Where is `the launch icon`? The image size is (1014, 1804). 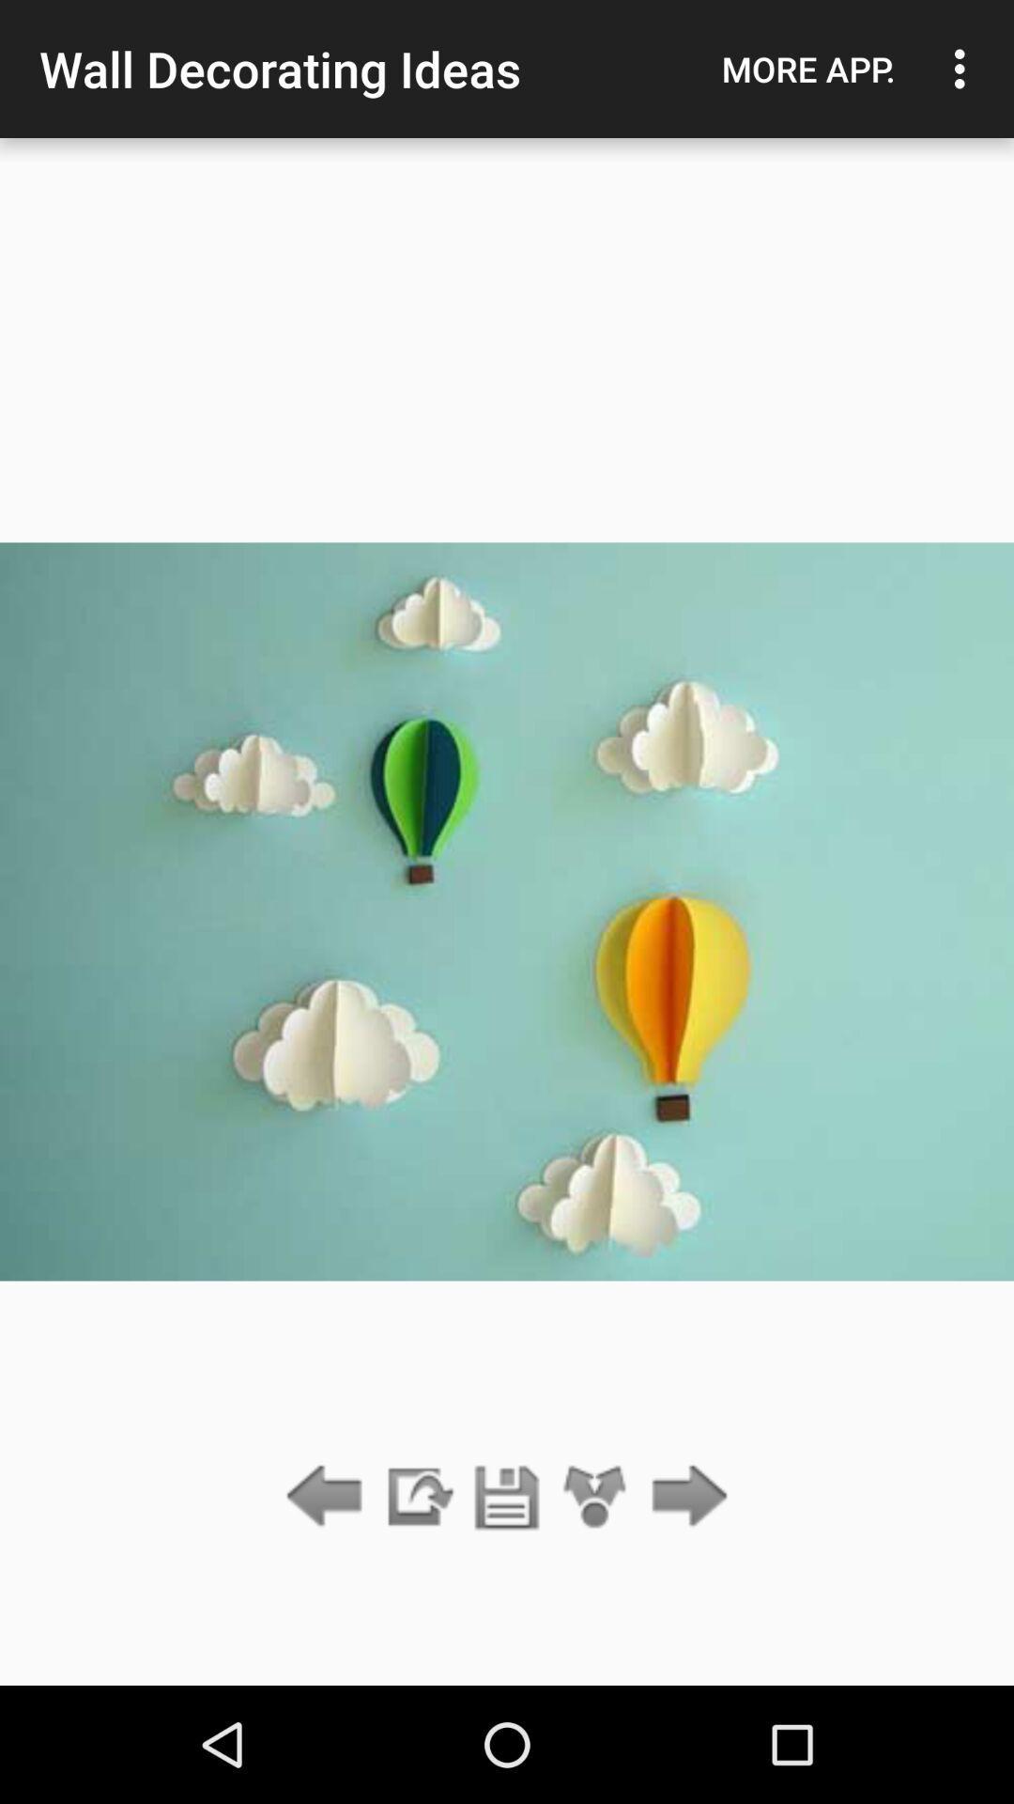
the launch icon is located at coordinates (417, 1497).